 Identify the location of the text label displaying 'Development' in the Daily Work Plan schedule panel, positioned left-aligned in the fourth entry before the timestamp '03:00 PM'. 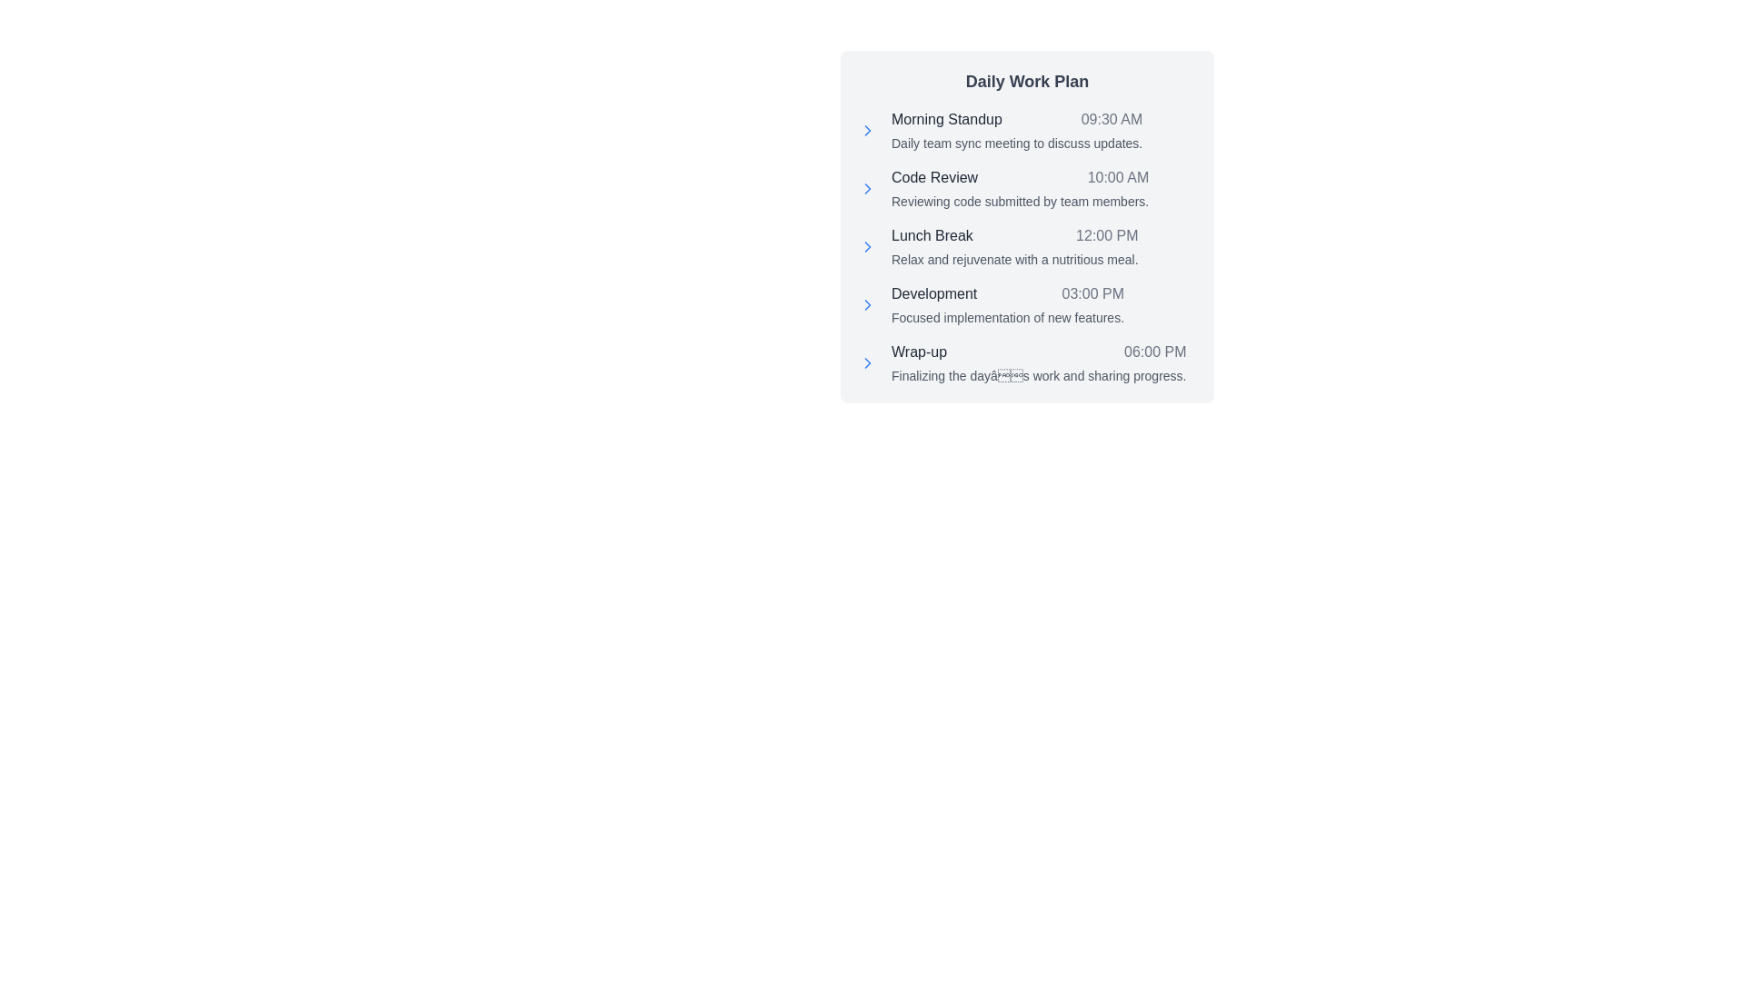
(934, 293).